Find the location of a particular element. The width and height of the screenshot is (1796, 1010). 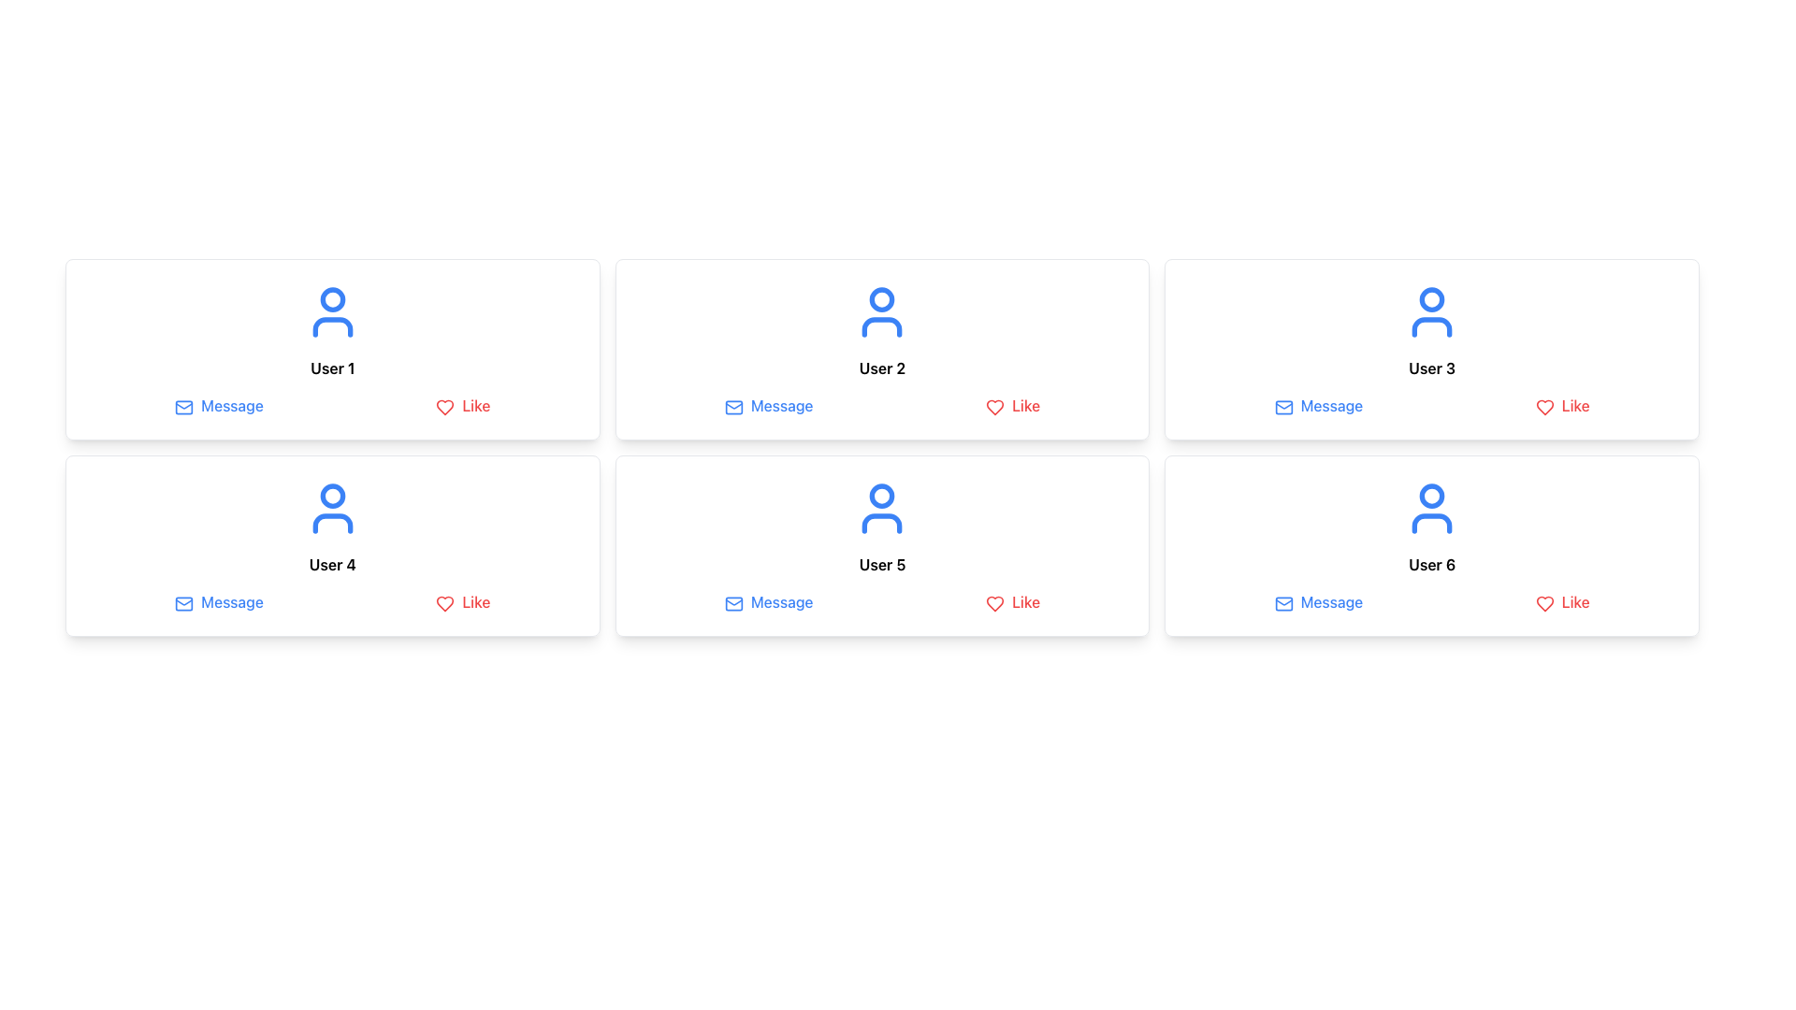

the messaging icon located within the 'Message' button for 'User 3' in the third column of the top row is located at coordinates (1282, 406).